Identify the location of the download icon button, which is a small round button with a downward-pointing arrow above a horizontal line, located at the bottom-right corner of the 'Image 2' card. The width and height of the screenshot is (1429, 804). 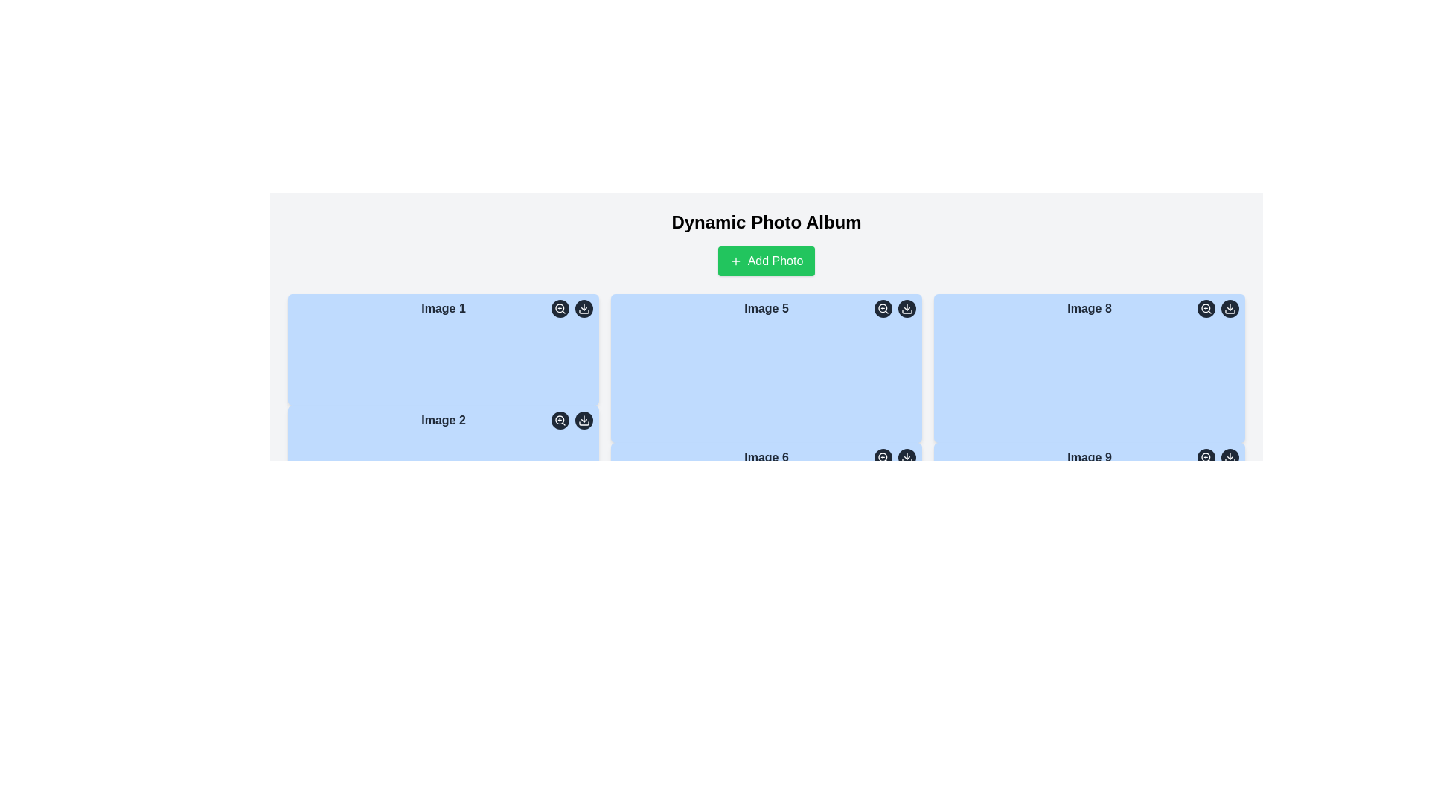
(584, 420).